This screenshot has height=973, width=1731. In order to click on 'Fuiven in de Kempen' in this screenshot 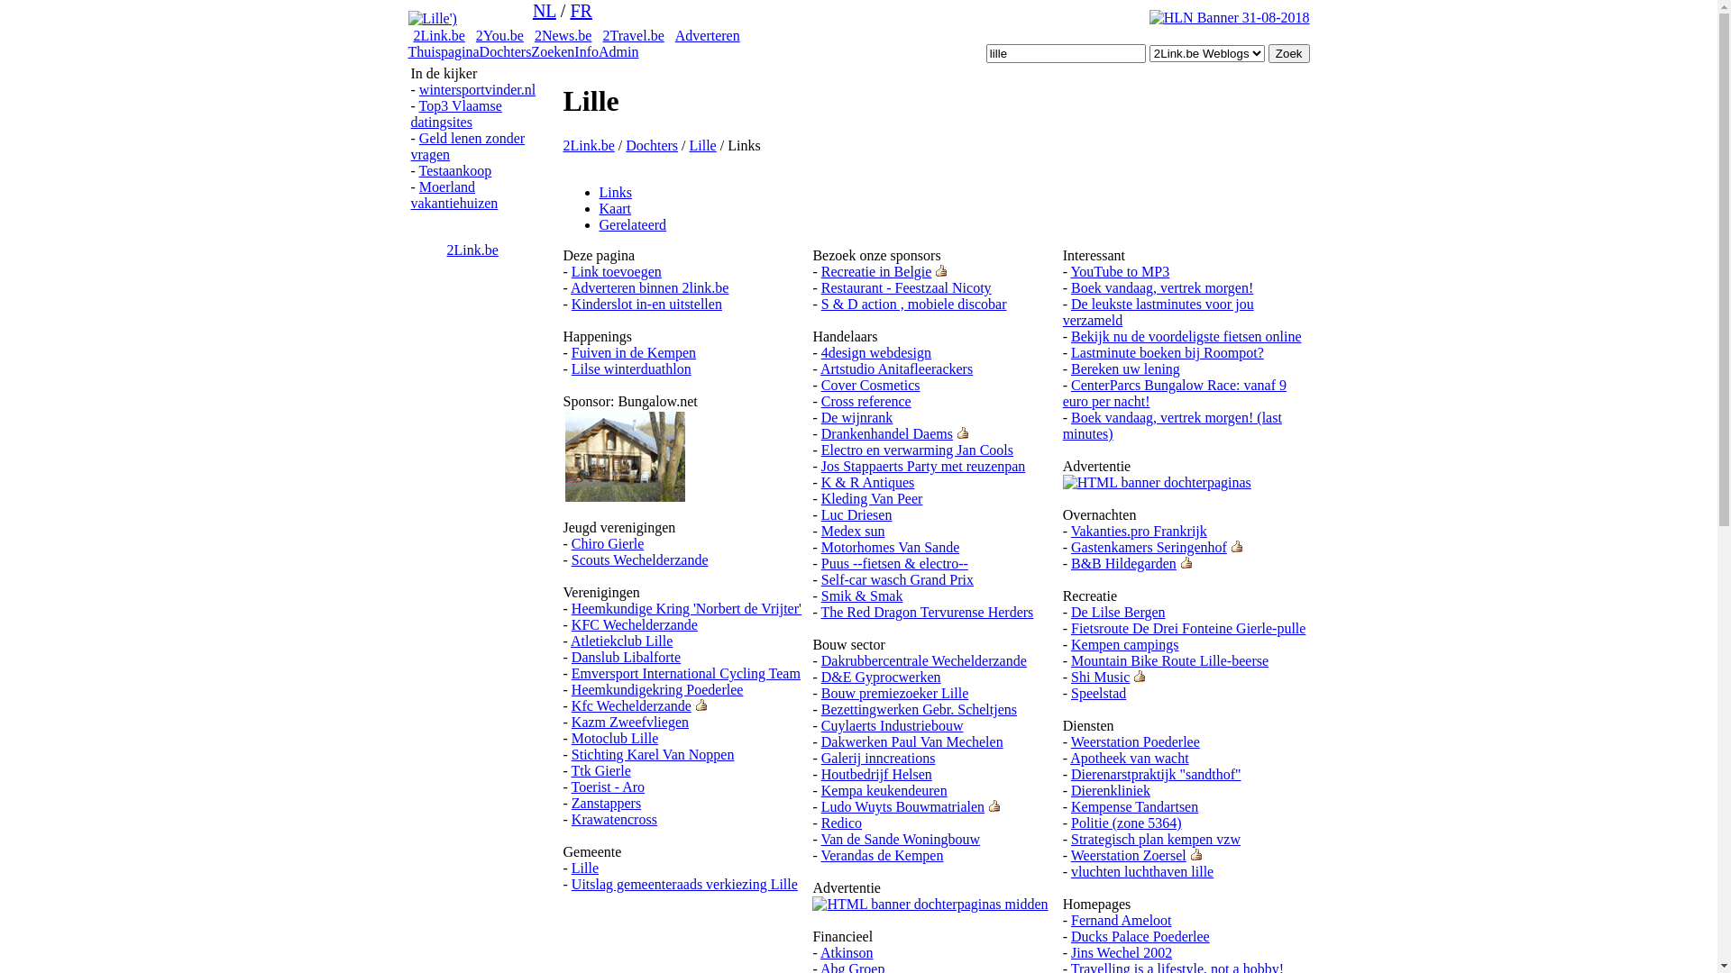, I will do `click(633, 352)`.